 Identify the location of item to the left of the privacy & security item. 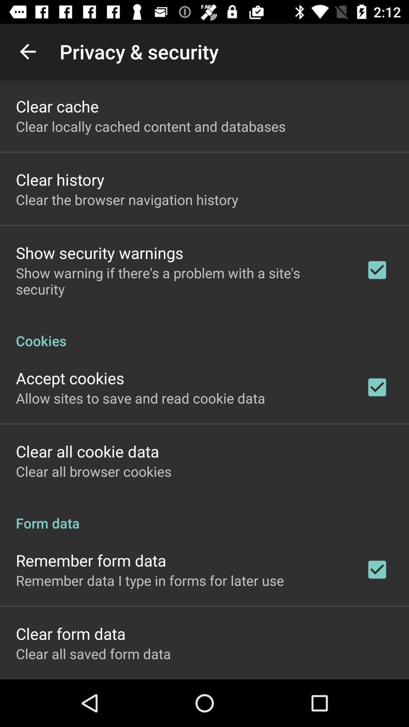
(27, 51).